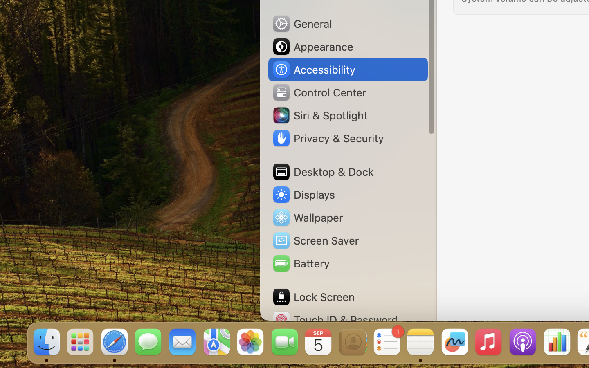  What do you see at coordinates (319, 114) in the screenshot?
I see `'Siri & Spotlight'` at bounding box center [319, 114].